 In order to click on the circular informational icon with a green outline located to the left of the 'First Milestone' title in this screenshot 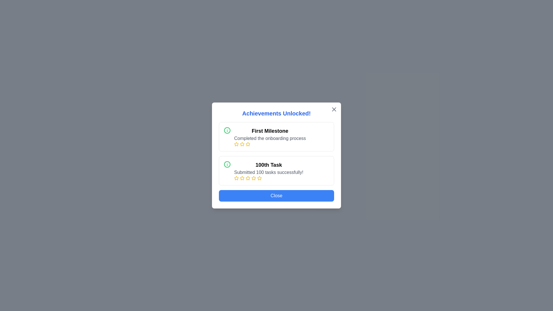, I will do `click(227, 130)`.